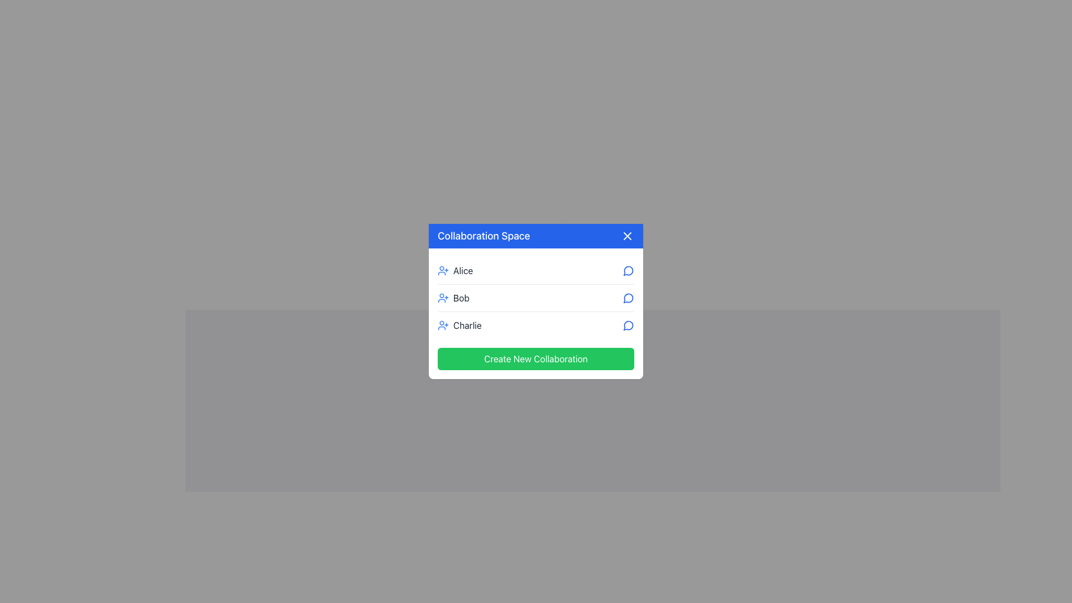  Describe the element at coordinates (467, 325) in the screenshot. I see `the user's name text label, which is the third item in a vertically arranged list following 'Alice' and 'Bob', to interact with it` at that location.